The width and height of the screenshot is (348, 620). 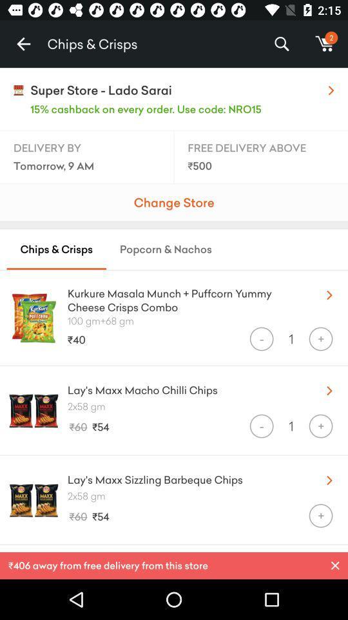 I want to click on the % item, so click(x=281, y=44).